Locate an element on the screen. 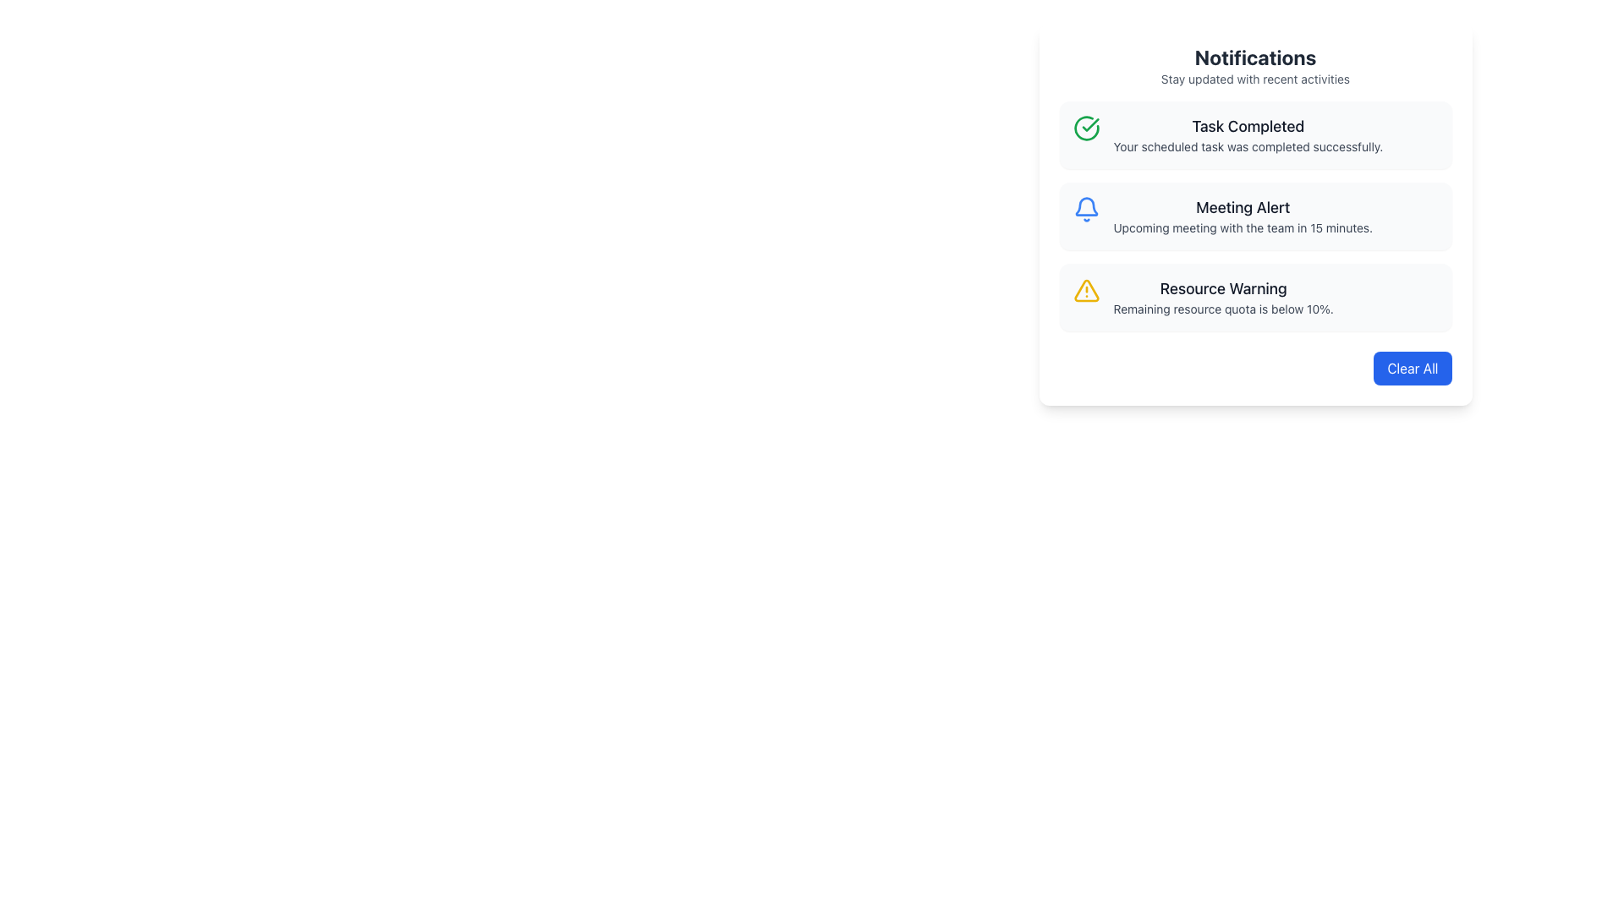 Image resolution: width=1624 pixels, height=913 pixels. text content of the Notification card located in the notifications panel, positioned directly under the 'Meeting Alert' card and is the third card from the top is located at coordinates (1255, 296).